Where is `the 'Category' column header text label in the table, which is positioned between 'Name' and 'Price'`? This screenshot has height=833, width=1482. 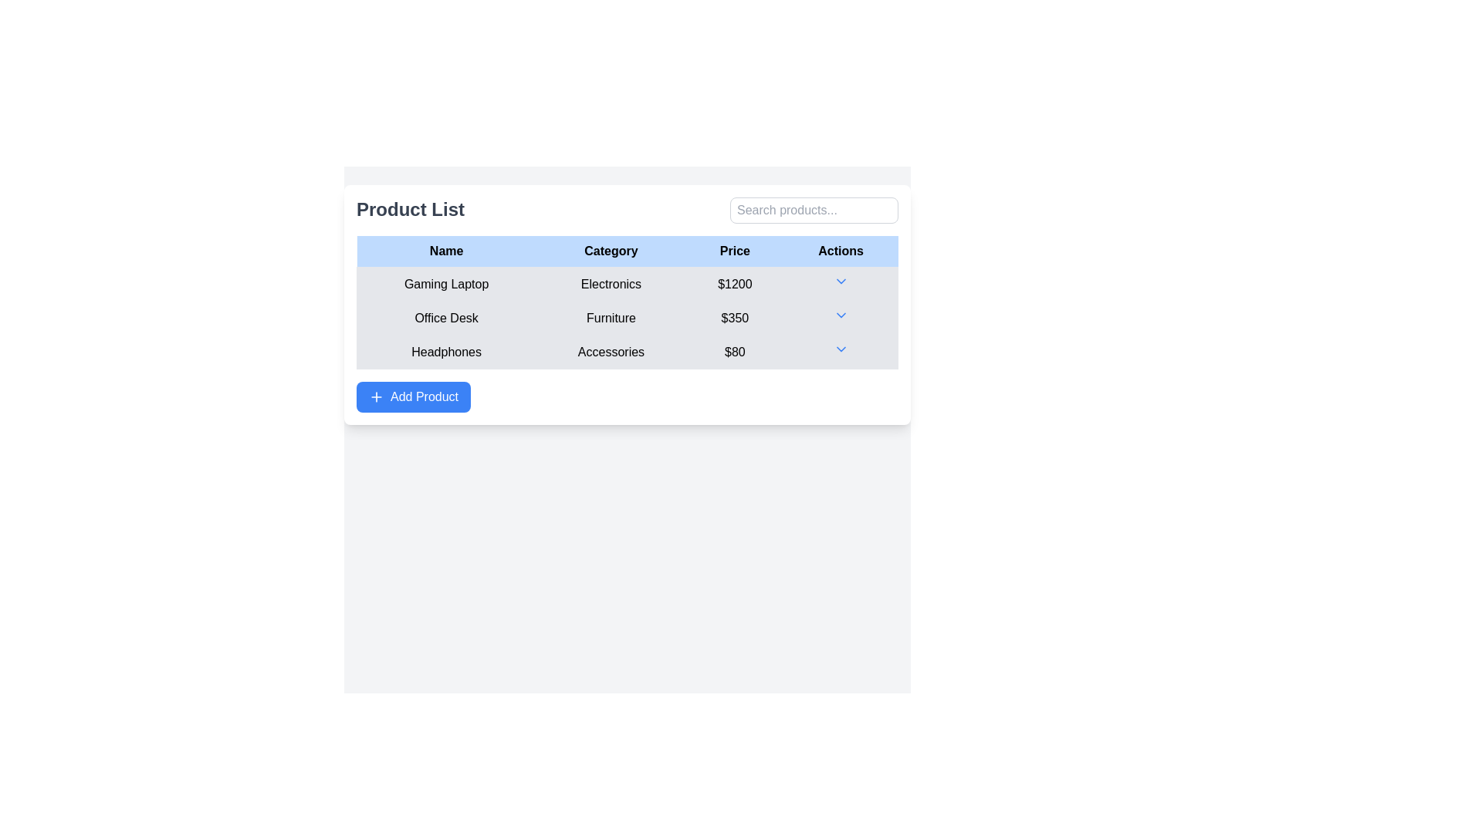
the 'Category' column header text label in the table, which is positioned between 'Name' and 'Price' is located at coordinates (611, 251).